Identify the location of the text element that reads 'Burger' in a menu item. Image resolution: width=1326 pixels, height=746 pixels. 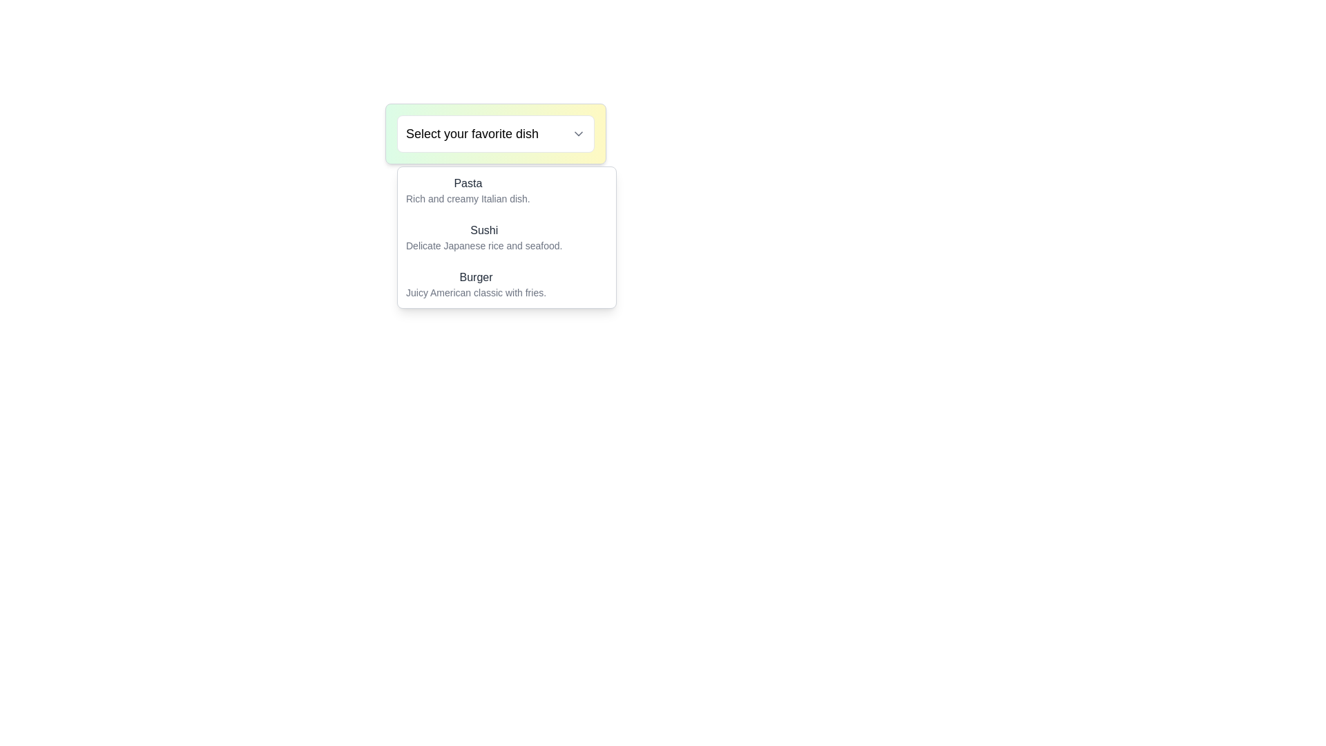
(476, 284).